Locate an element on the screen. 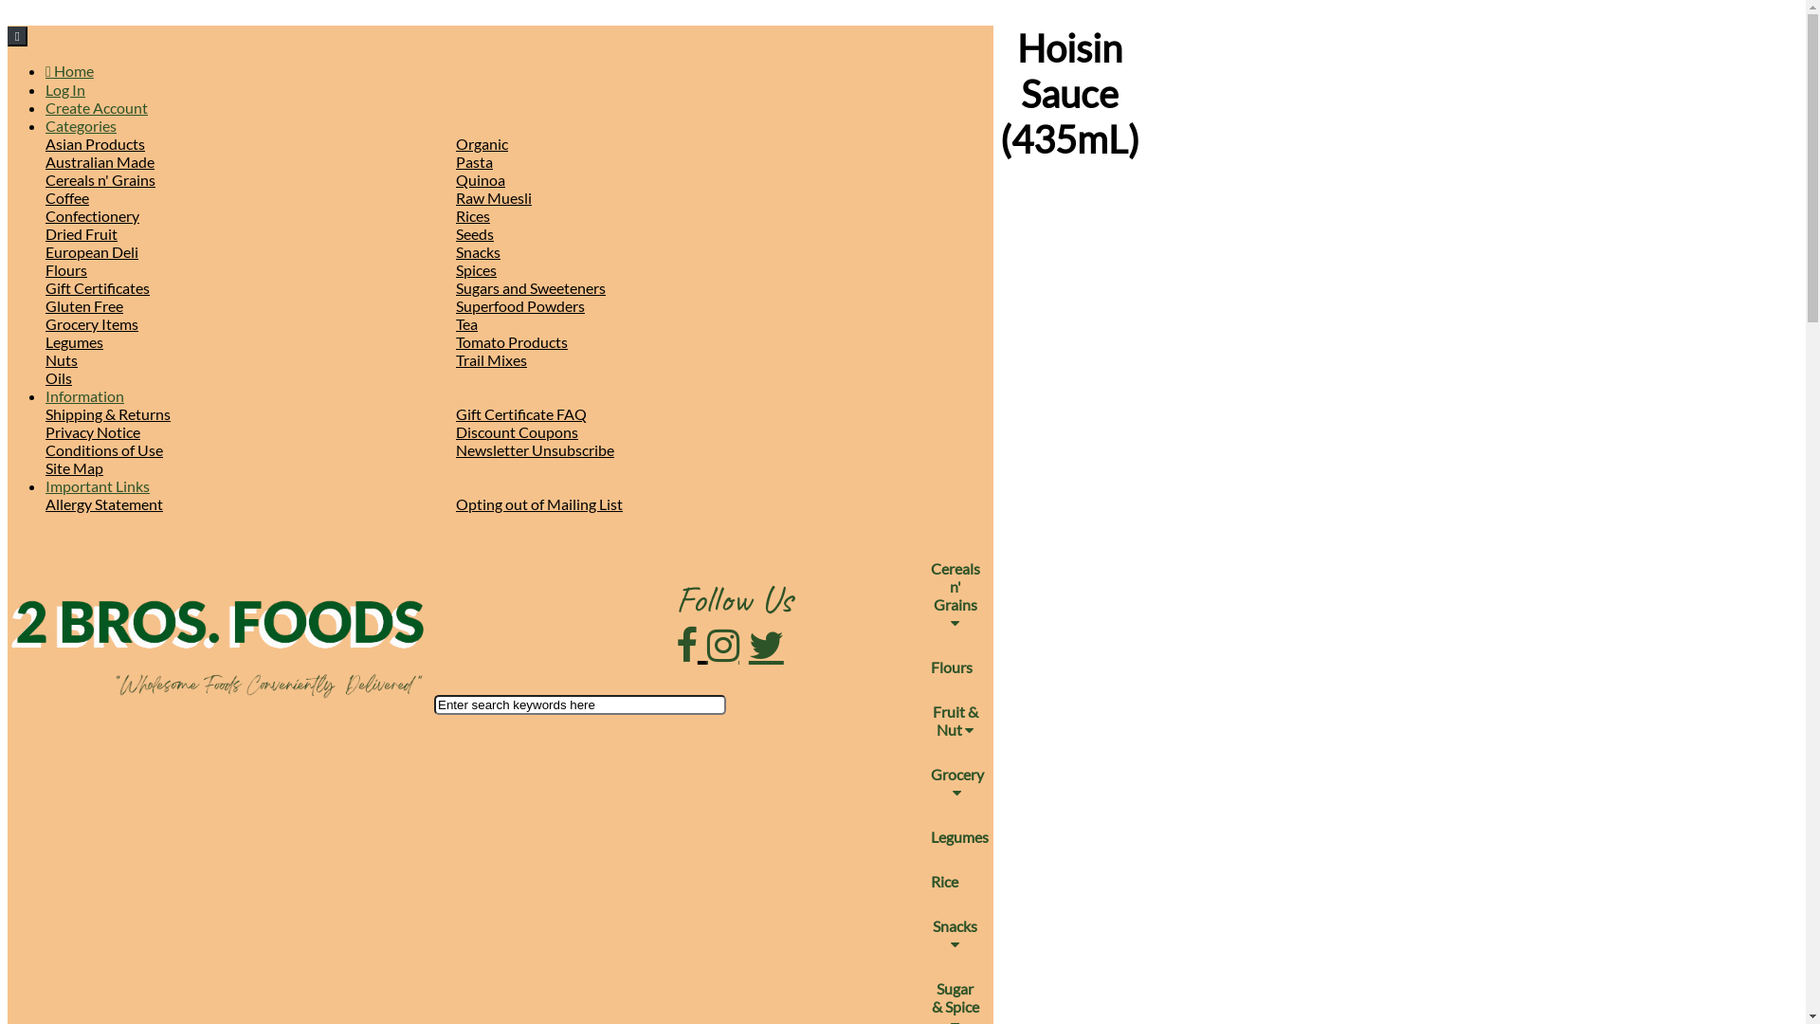 This screenshot has height=1024, width=1820. 'Gift Certificate FAQ' is located at coordinates (521, 412).